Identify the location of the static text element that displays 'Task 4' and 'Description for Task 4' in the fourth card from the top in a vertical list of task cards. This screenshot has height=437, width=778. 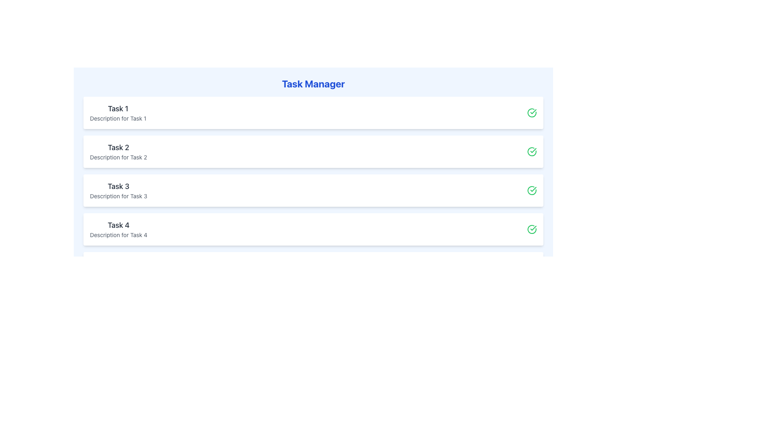
(118, 229).